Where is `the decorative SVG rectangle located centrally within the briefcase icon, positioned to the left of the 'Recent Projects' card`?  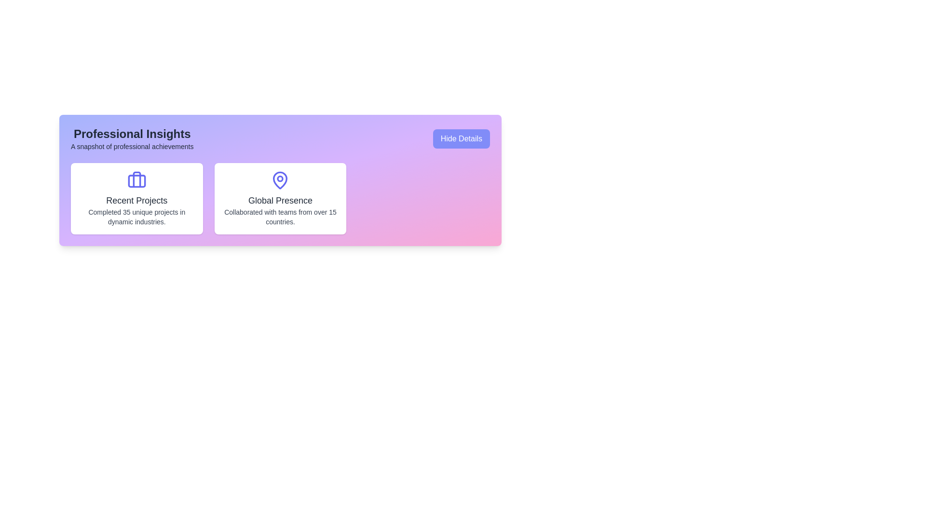 the decorative SVG rectangle located centrally within the briefcase icon, positioned to the left of the 'Recent Projects' card is located at coordinates (136, 181).